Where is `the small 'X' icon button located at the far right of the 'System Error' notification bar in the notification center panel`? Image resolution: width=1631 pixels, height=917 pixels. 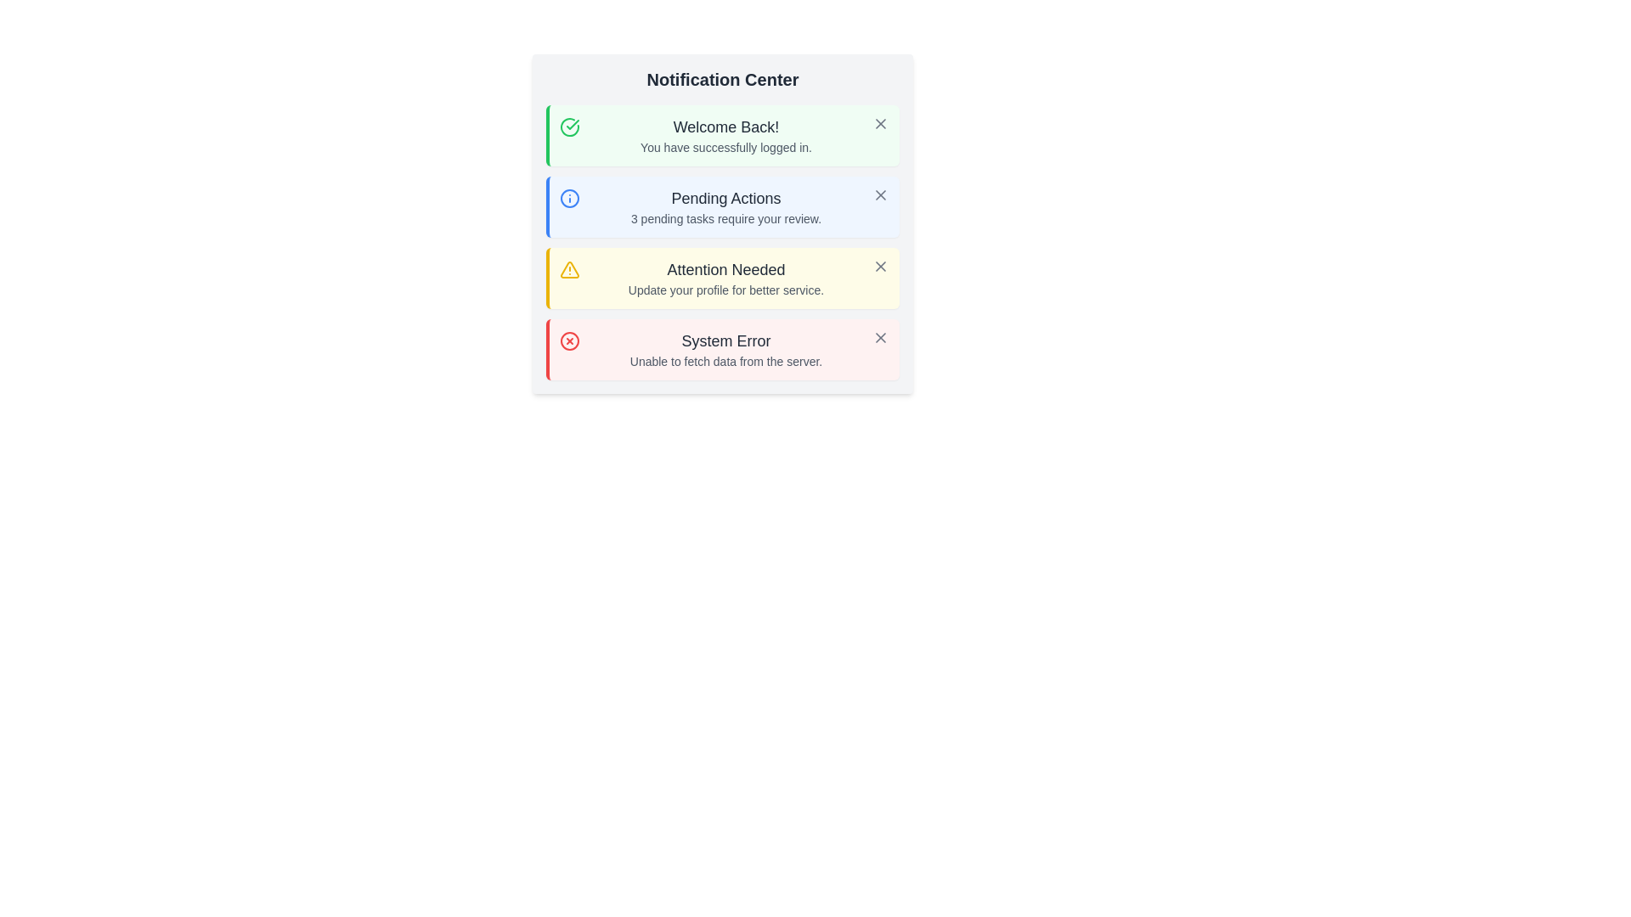
the small 'X' icon button located at the far right of the 'System Error' notification bar in the notification center panel is located at coordinates (880, 337).